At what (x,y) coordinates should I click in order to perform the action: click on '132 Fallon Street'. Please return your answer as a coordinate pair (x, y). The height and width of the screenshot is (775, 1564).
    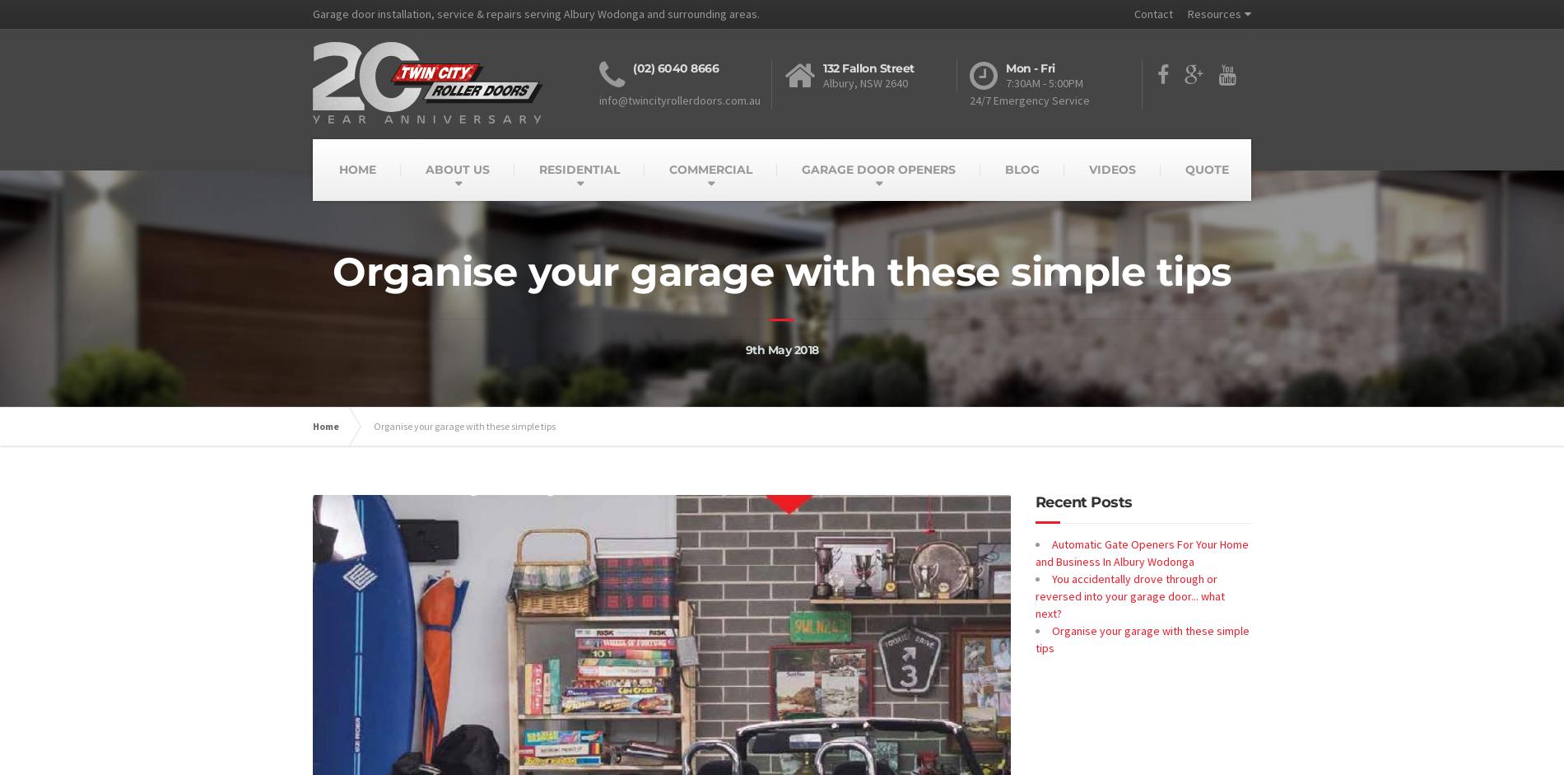
    Looking at the image, I should click on (868, 67).